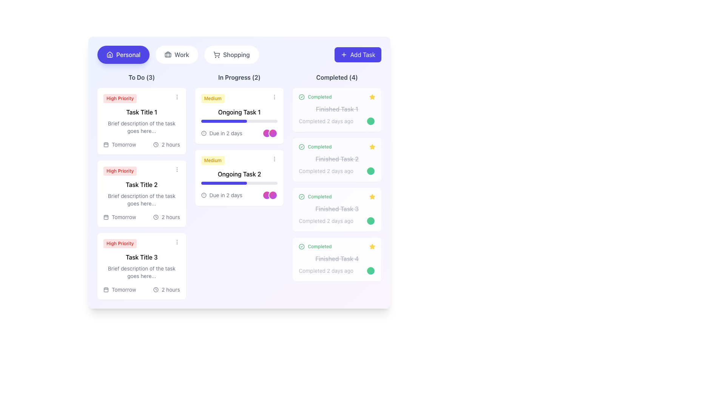  Describe the element at coordinates (120, 243) in the screenshot. I see `the high priority indicator label located in the top-left corner of the 'Task Title 3' card in the 'To Do' column` at that location.